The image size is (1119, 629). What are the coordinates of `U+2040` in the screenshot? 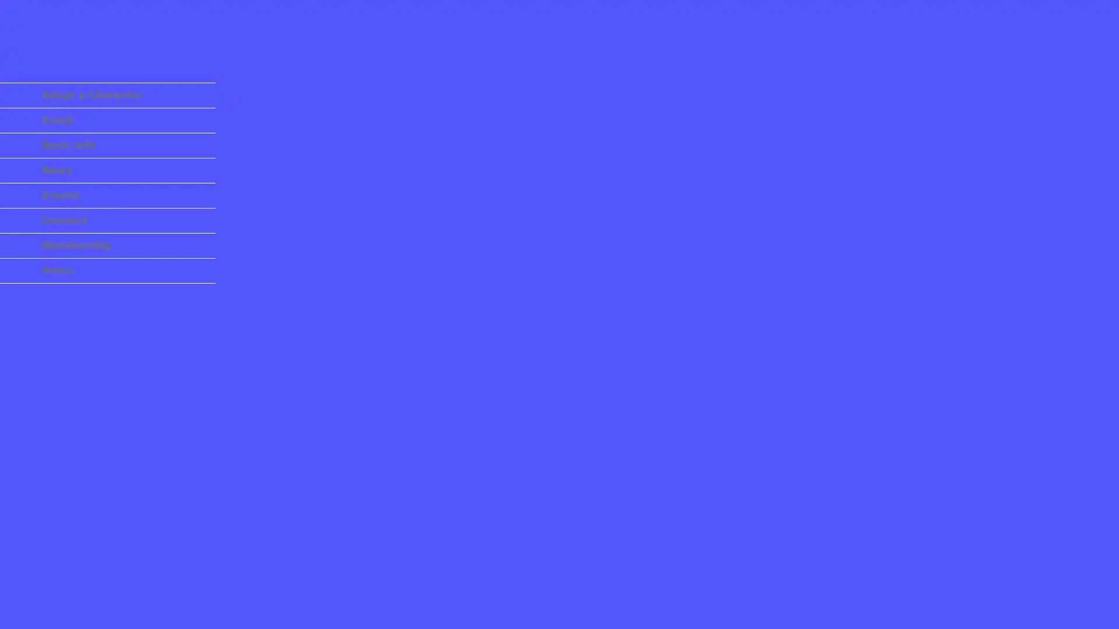 It's located at (438, 316).